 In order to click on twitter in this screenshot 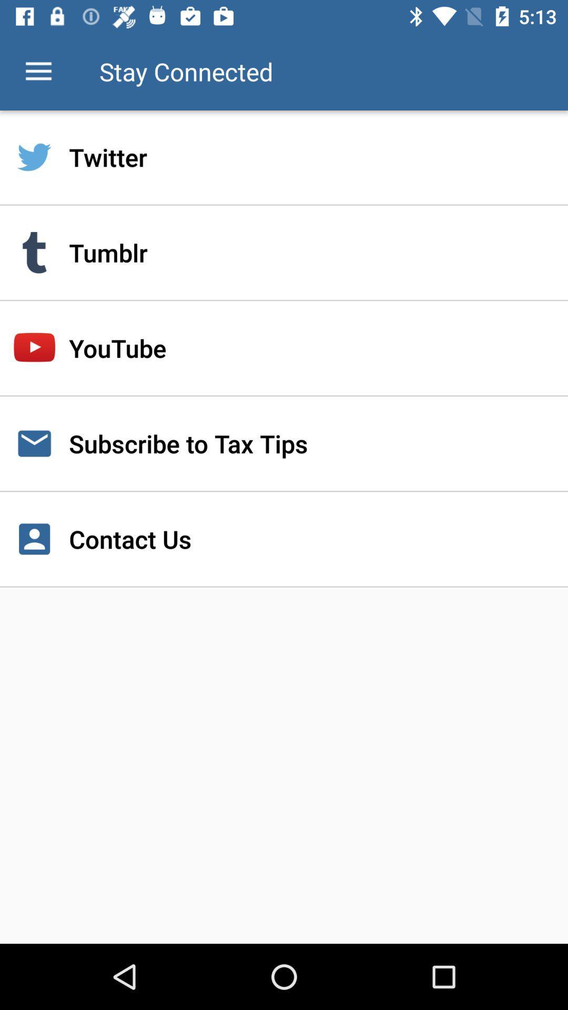, I will do `click(284, 157)`.